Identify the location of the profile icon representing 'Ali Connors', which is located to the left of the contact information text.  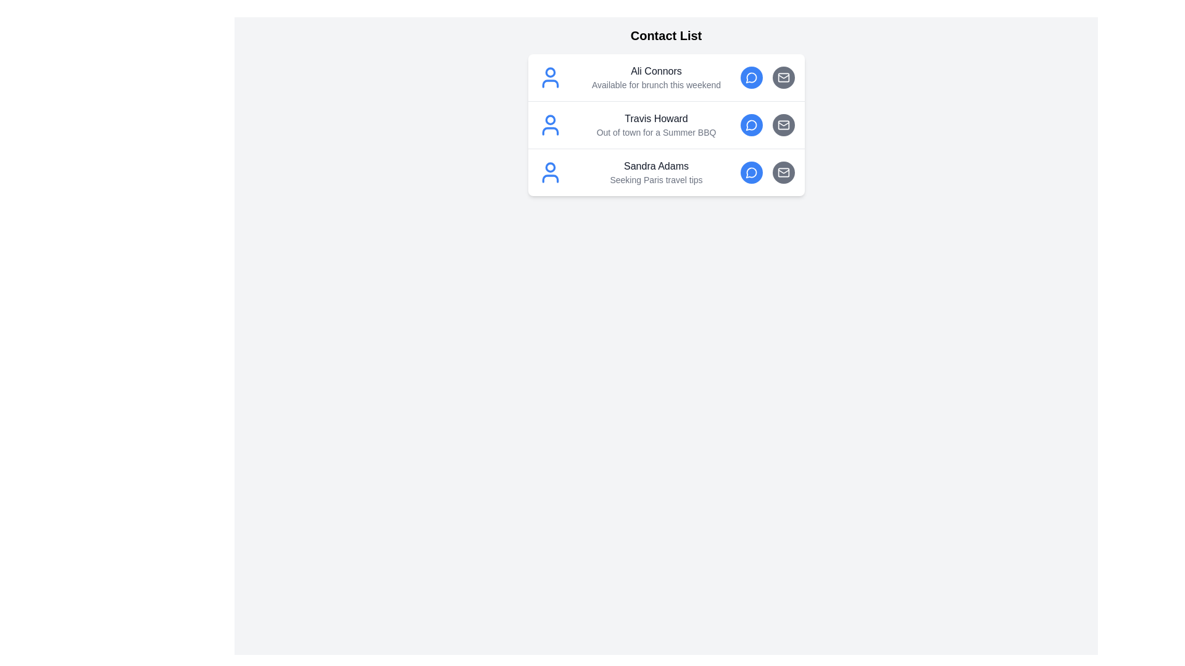
(549, 78).